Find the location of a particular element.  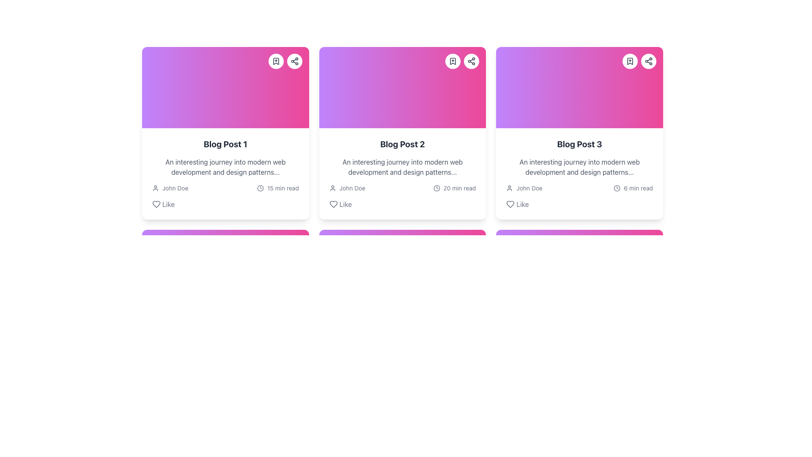

user profile SVG icon located in the footer of the third post card, which is aligned to the left of the author name 'John Doe' is located at coordinates (509, 187).